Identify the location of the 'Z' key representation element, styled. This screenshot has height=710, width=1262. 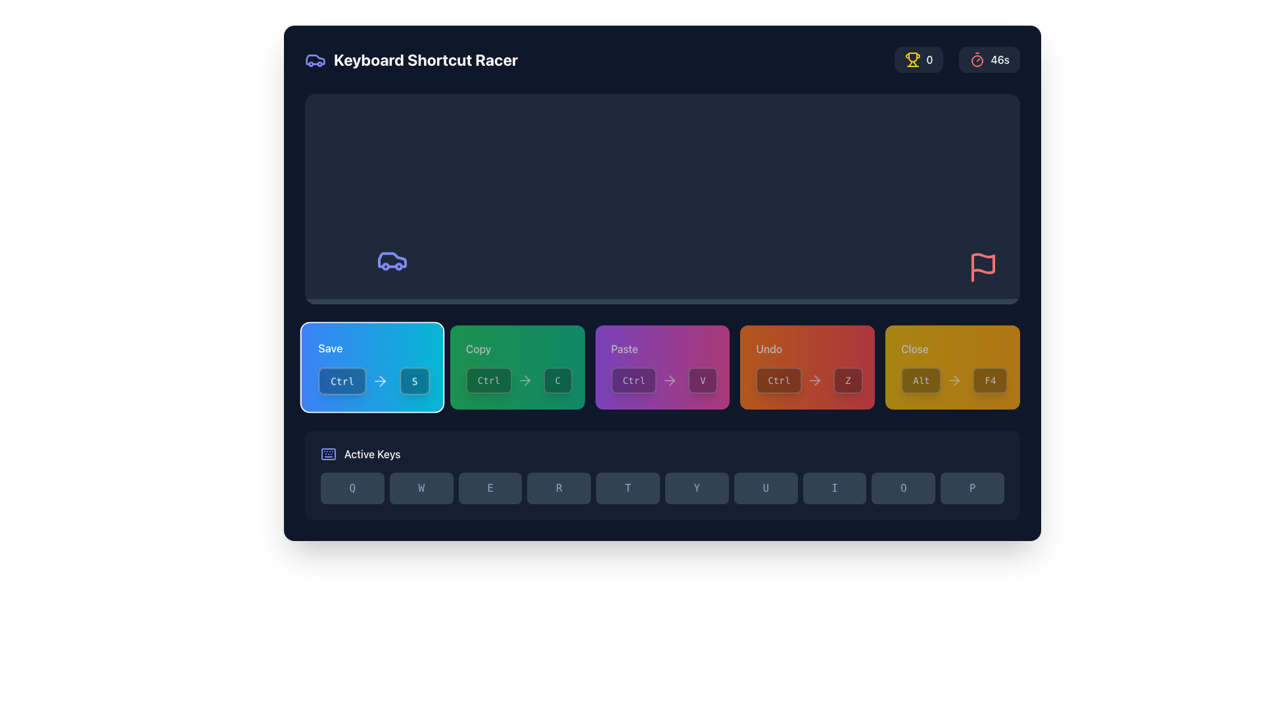
(848, 380).